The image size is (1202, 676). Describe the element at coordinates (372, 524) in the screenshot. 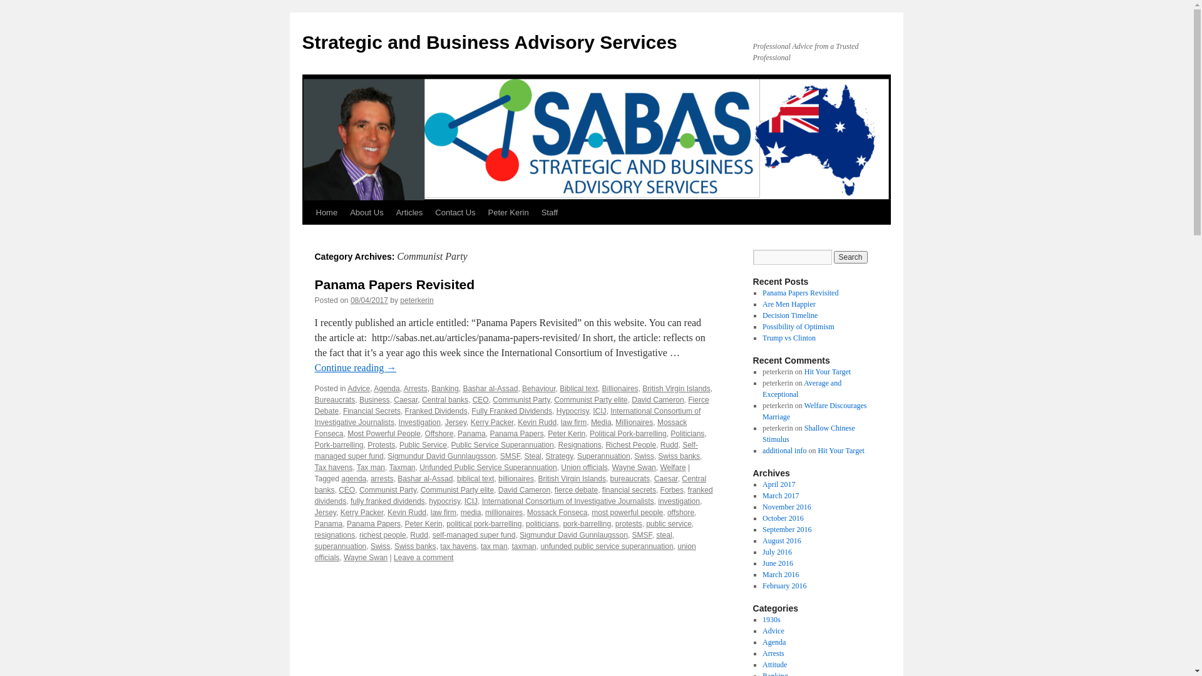

I see `'Panama Papers'` at that location.